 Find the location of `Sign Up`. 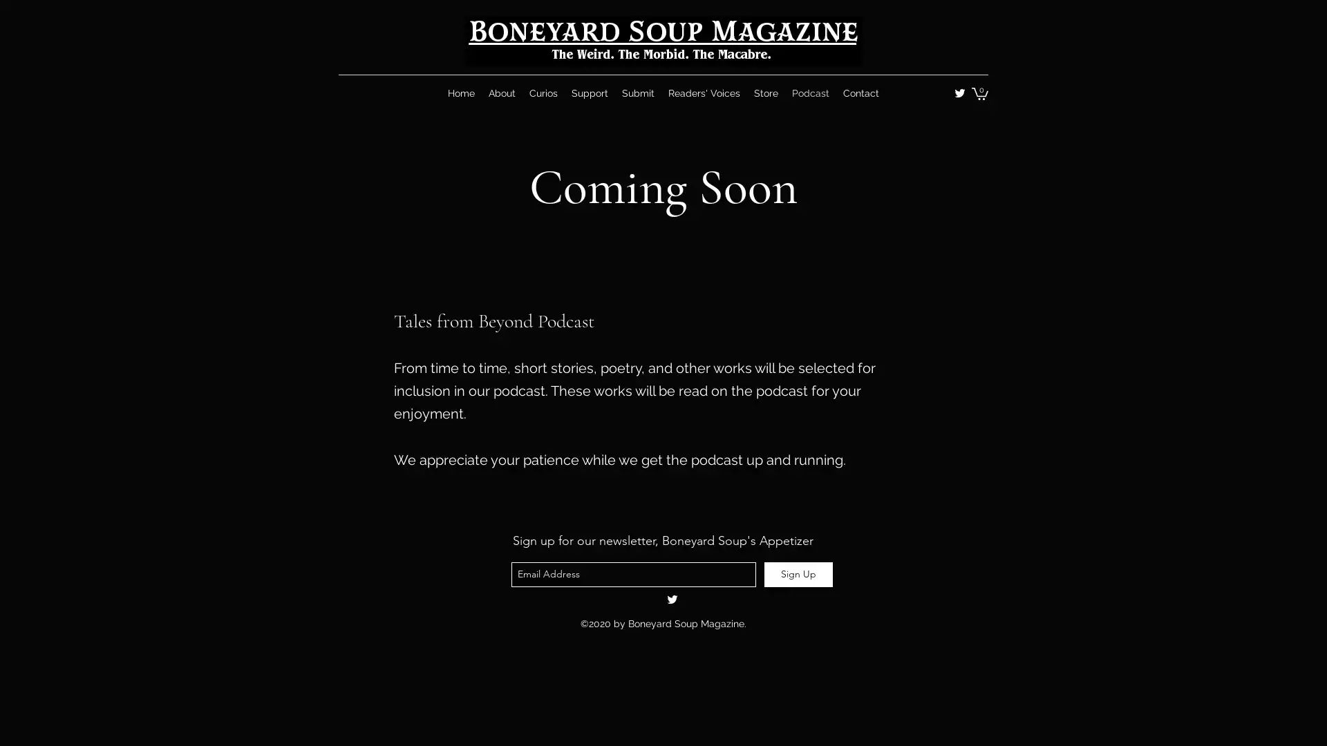

Sign Up is located at coordinates (798, 573).